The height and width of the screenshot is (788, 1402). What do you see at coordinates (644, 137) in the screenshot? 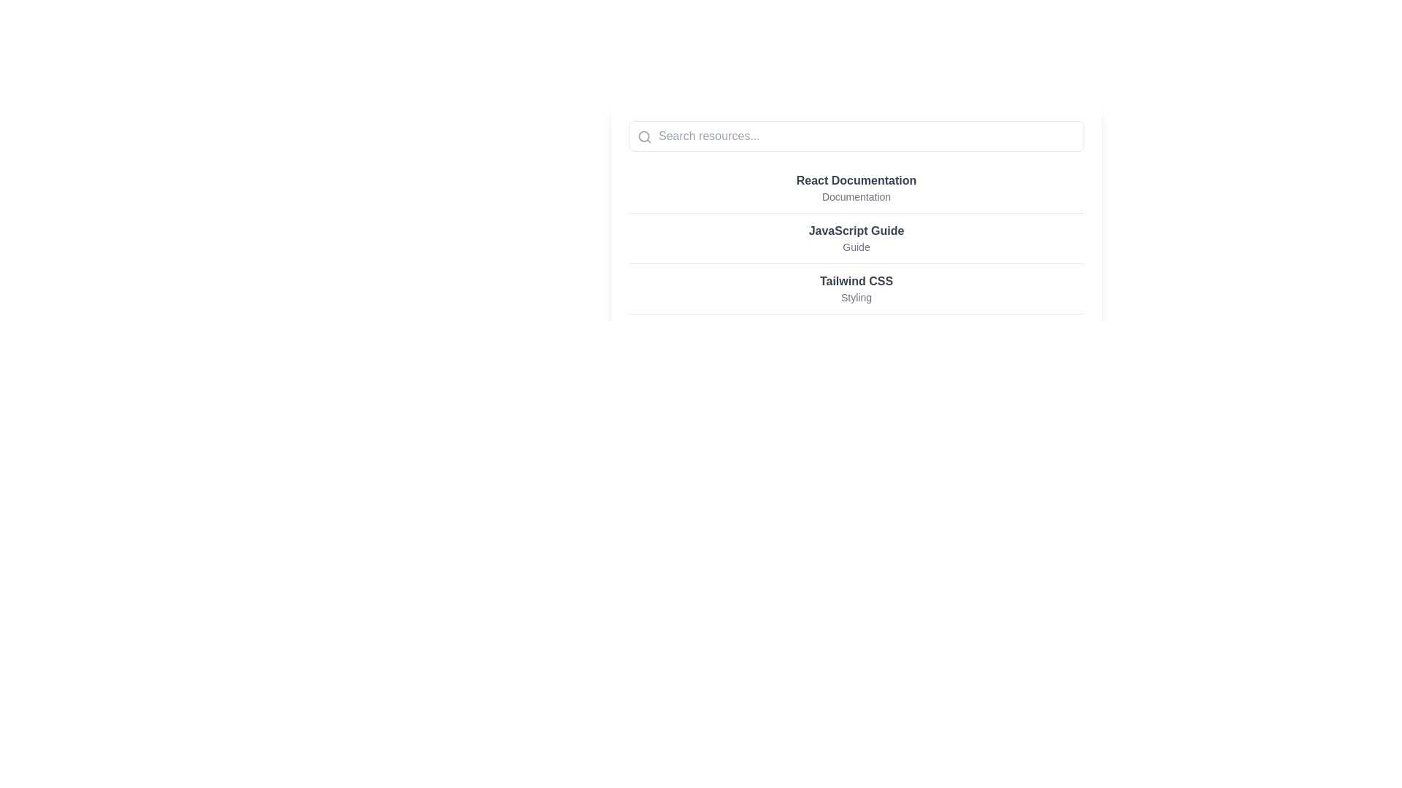
I see `the magnifying glass icon, which is a gray outlined circular search icon located at the top-left corner of the search input field area, adjacent to the placeholder text 'Search resources...'` at bounding box center [644, 137].